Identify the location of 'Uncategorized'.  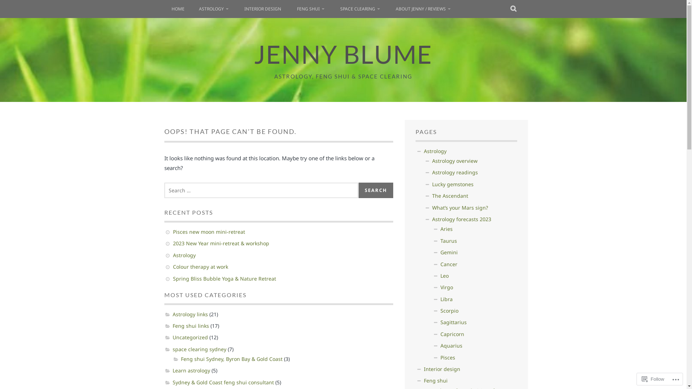
(172, 337).